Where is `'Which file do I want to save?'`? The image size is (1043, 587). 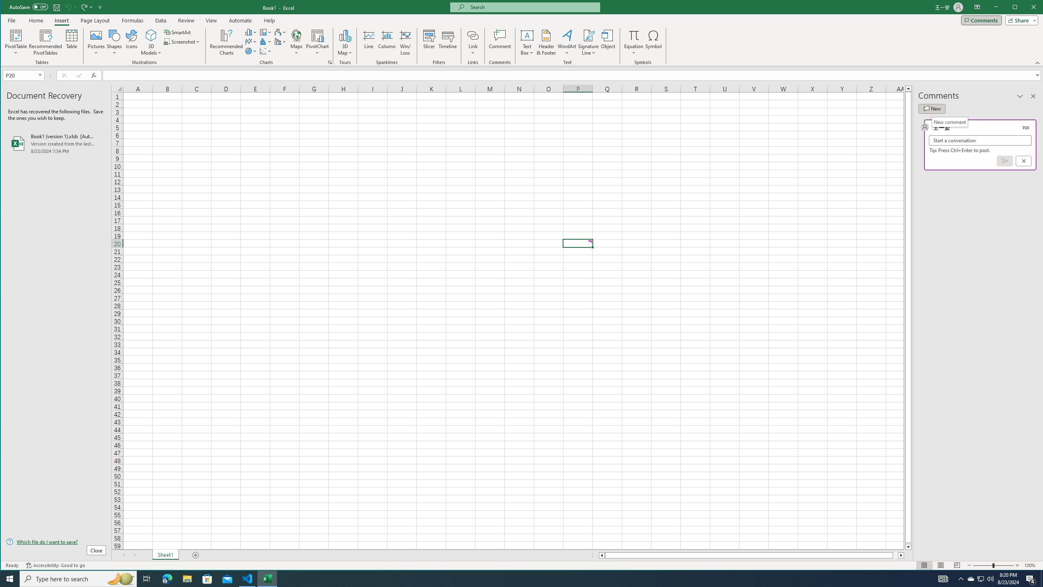 'Which file do I want to save?' is located at coordinates (56, 541).